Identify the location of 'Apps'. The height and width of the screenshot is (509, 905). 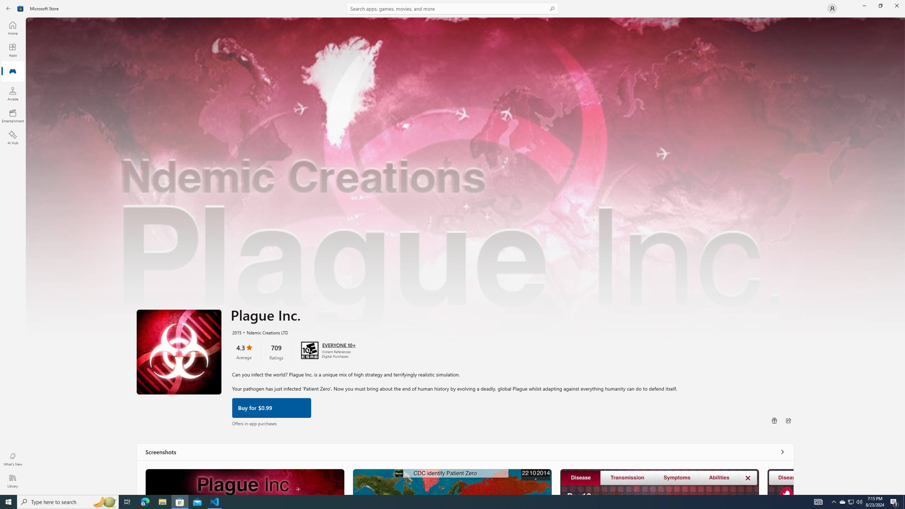
(12, 50).